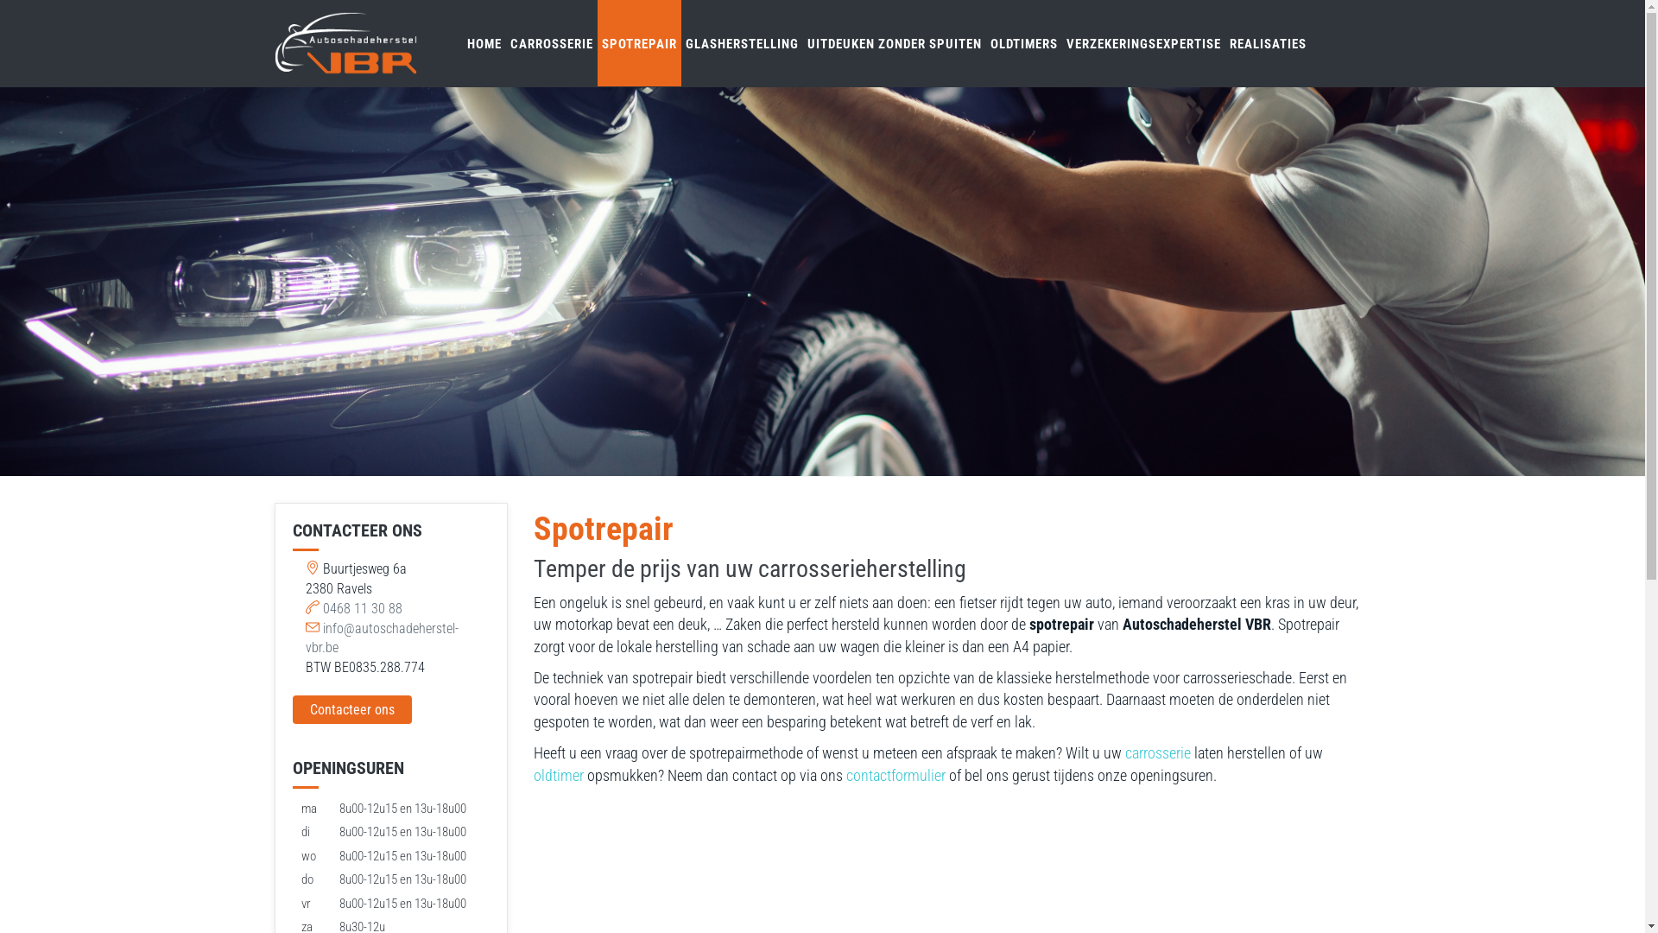  What do you see at coordinates (550, 42) in the screenshot?
I see `'CARROSSERIE'` at bounding box center [550, 42].